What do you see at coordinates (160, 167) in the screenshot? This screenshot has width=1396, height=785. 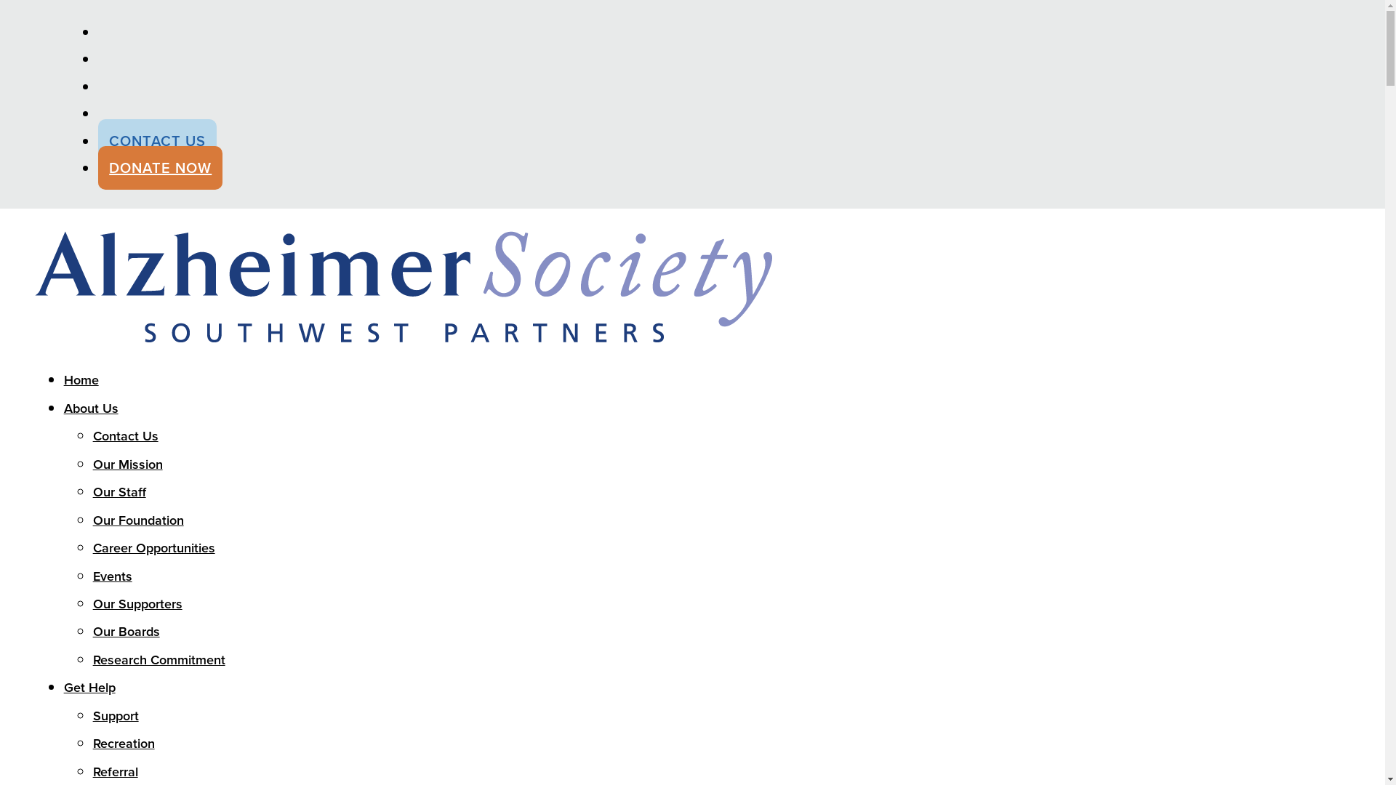 I see `'DONATE NOW'` at bounding box center [160, 167].